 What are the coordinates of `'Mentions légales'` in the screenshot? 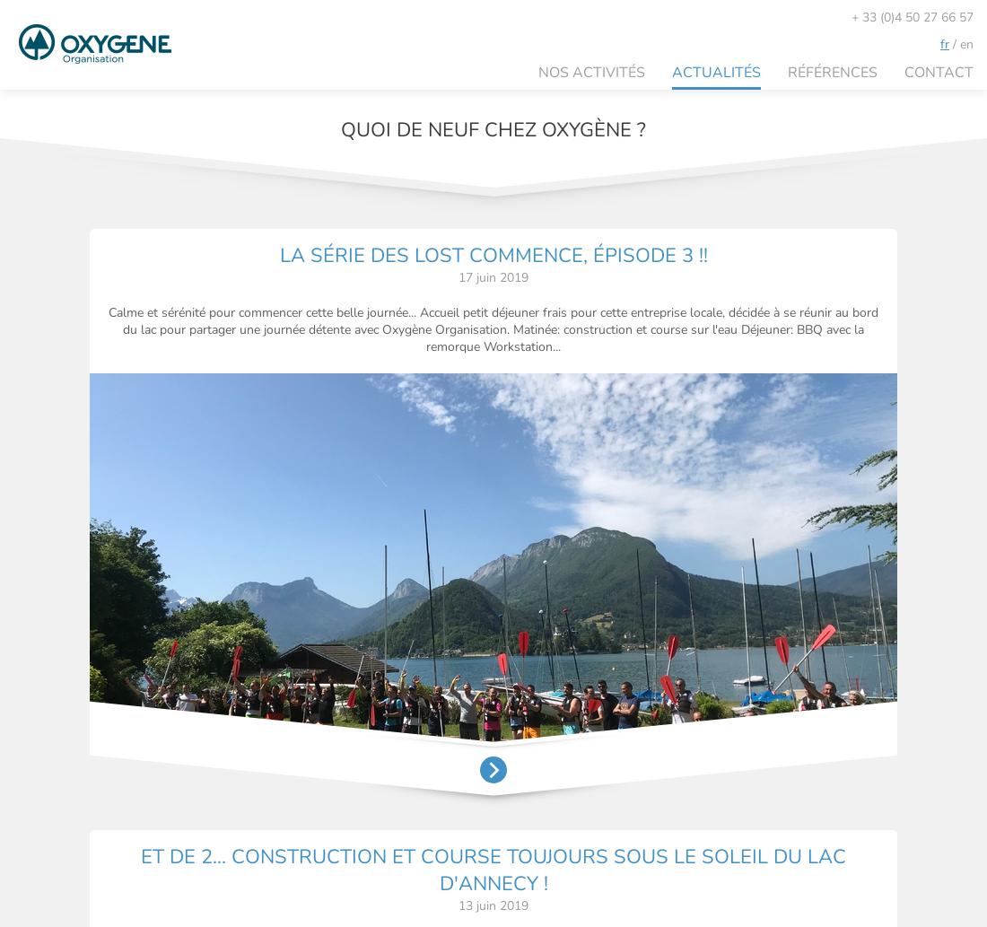 It's located at (817, 861).